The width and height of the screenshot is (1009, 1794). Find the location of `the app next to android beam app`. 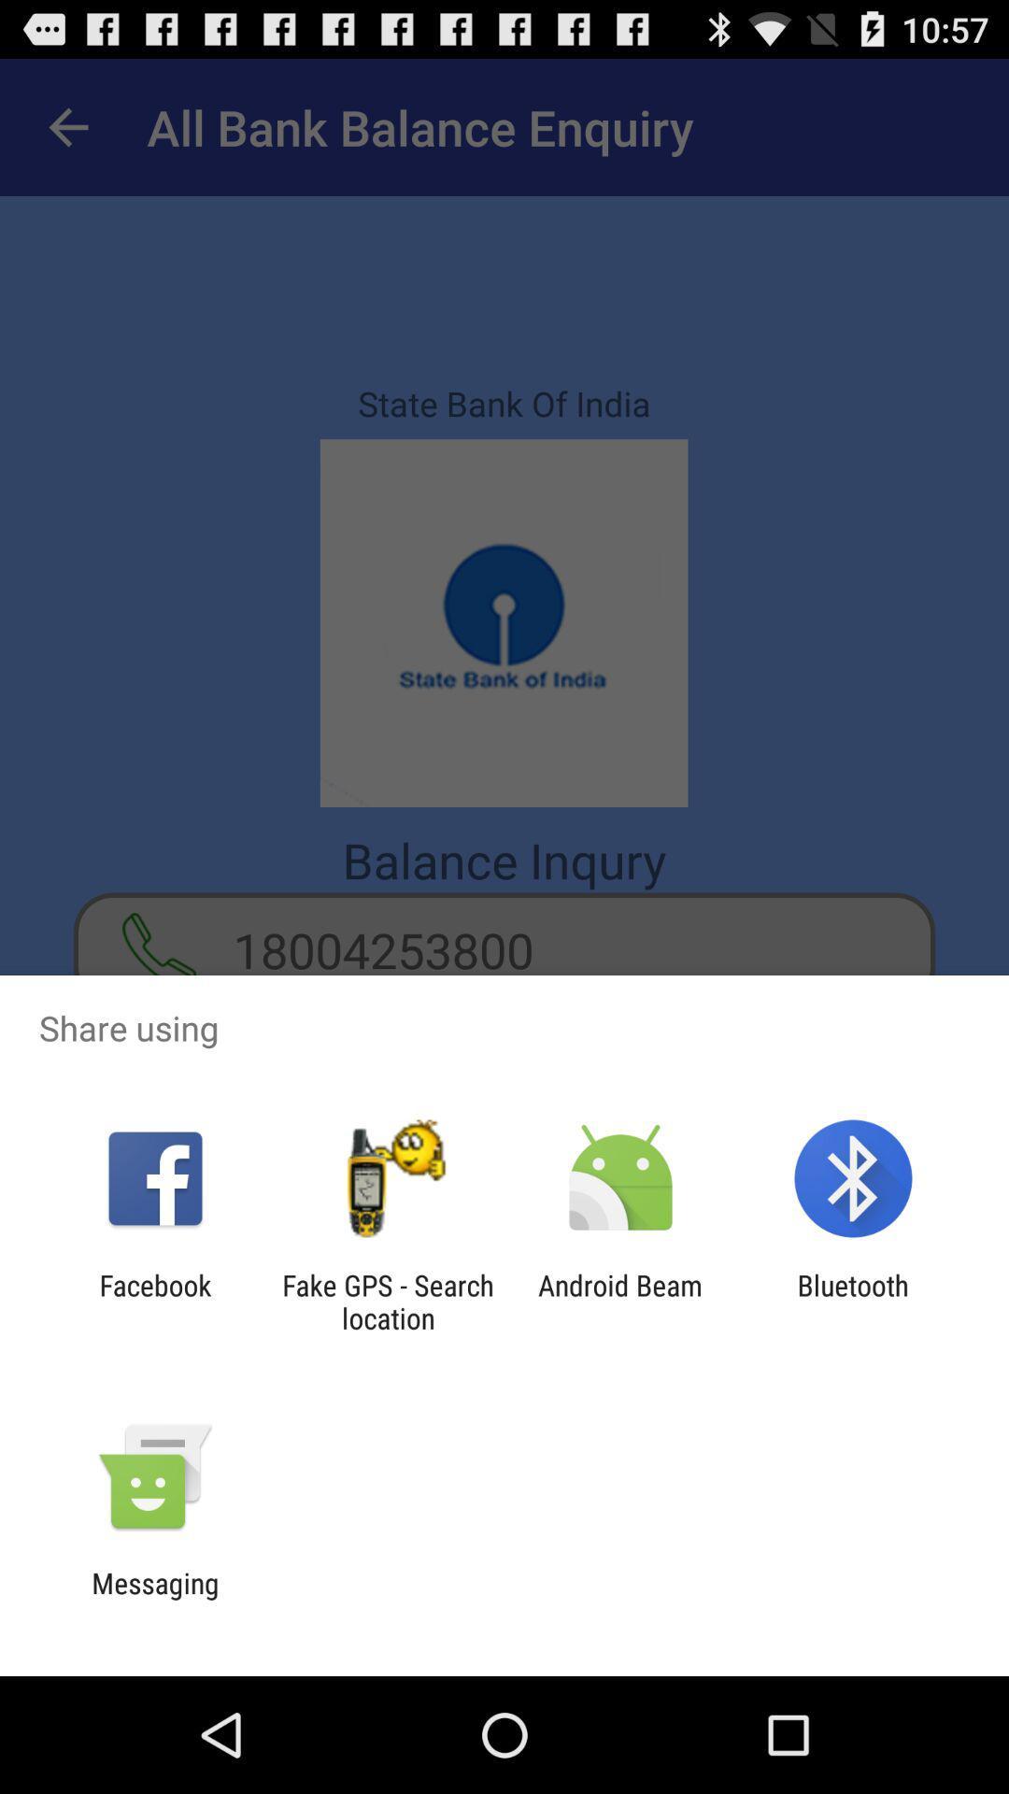

the app next to android beam app is located at coordinates (853, 1301).